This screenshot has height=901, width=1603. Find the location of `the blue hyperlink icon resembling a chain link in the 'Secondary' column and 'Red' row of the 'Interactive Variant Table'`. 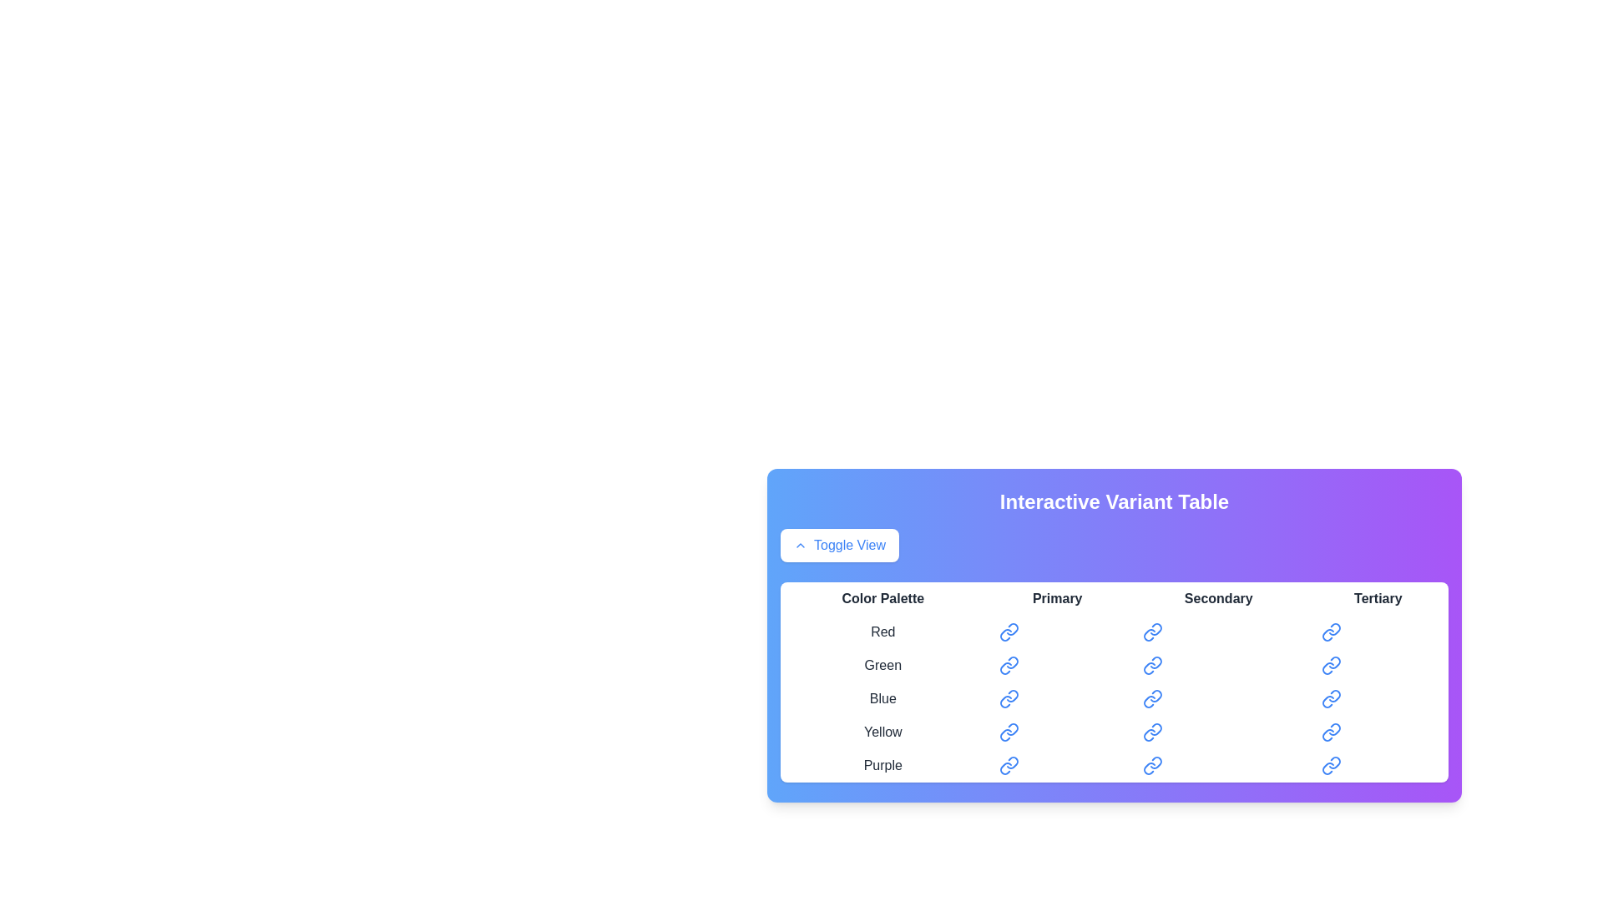

the blue hyperlink icon resembling a chain link in the 'Secondary' column and 'Red' row of the 'Interactive Variant Table' is located at coordinates (1151, 632).